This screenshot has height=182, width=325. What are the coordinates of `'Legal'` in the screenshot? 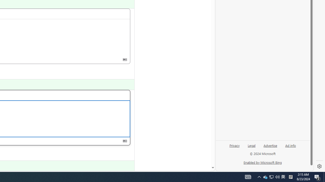 It's located at (251, 147).